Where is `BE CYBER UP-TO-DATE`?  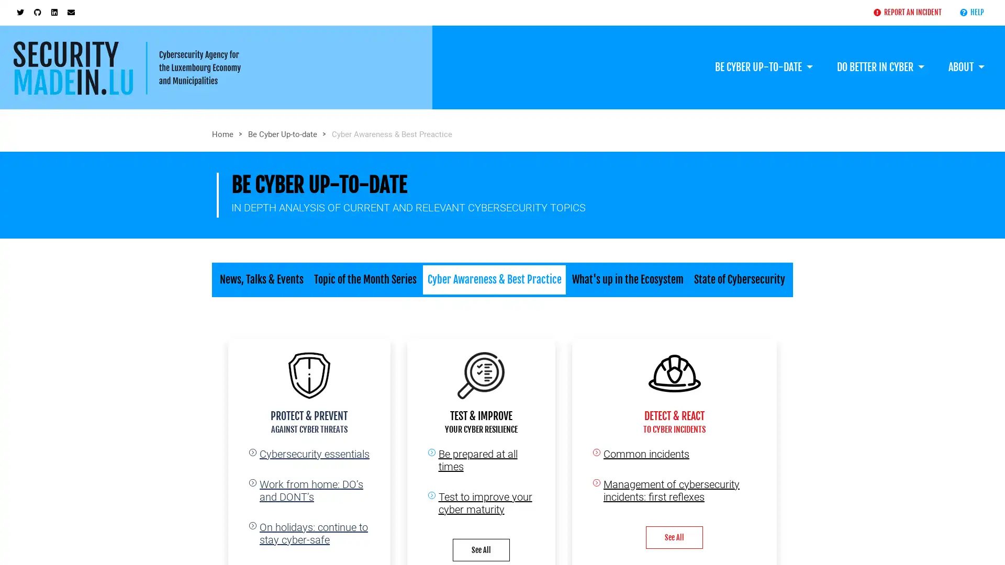
BE CYBER UP-TO-DATE is located at coordinates (763, 56).